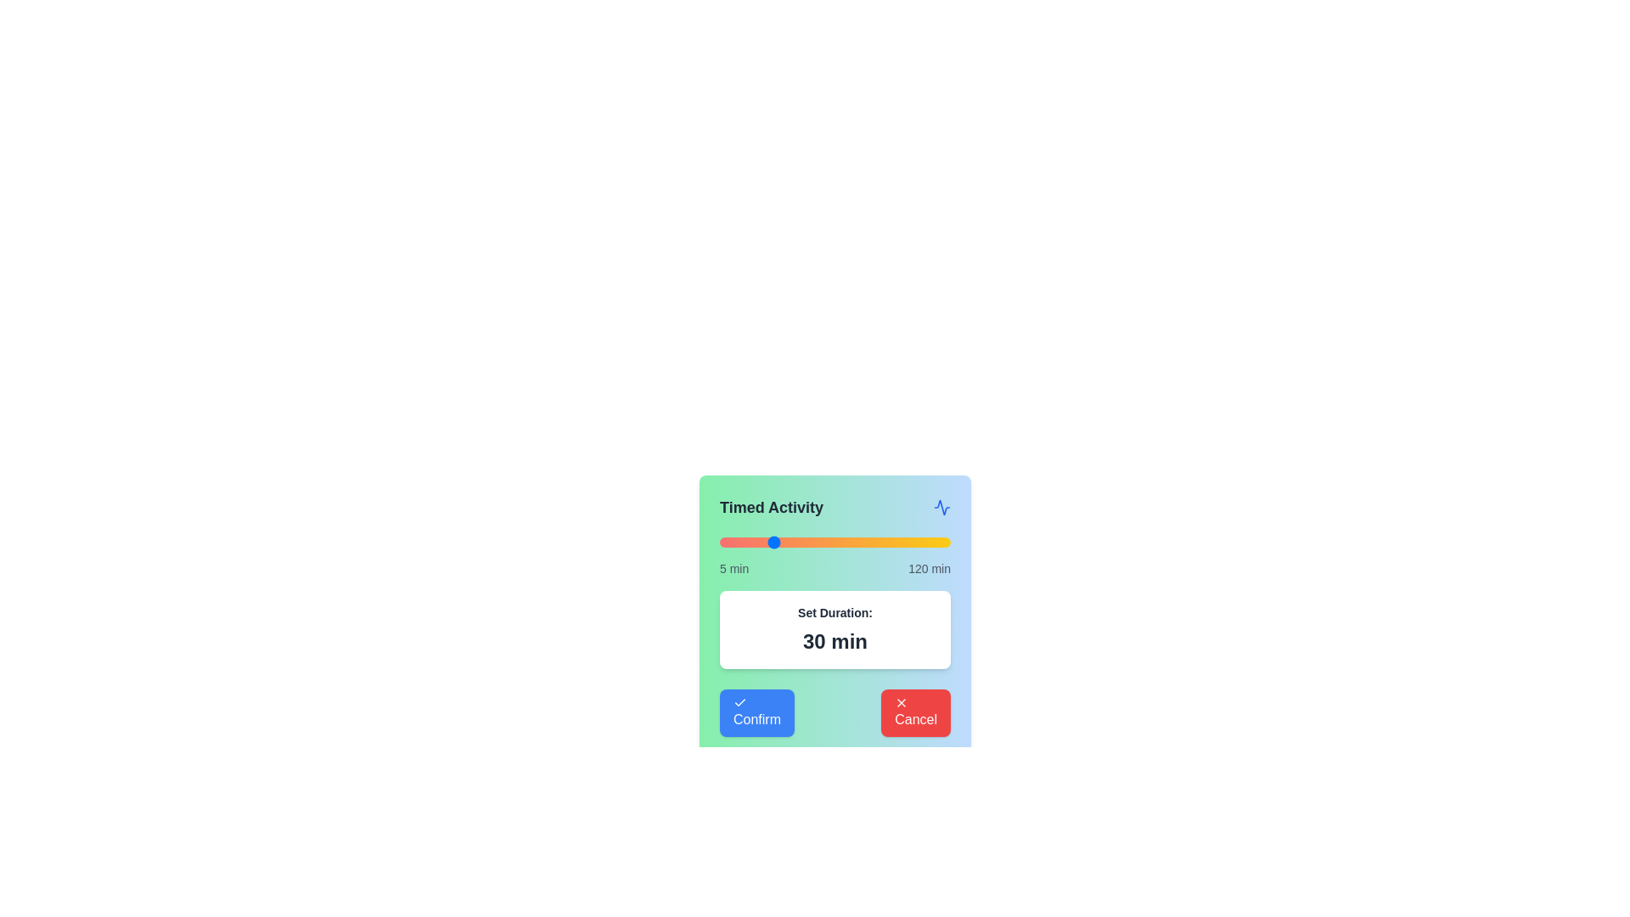 The width and height of the screenshot is (1630, 917). Describe the element at coordinates (921, 543) in the screenshot. I see `the slider to set the activity duration to 106 minutes` at that location.